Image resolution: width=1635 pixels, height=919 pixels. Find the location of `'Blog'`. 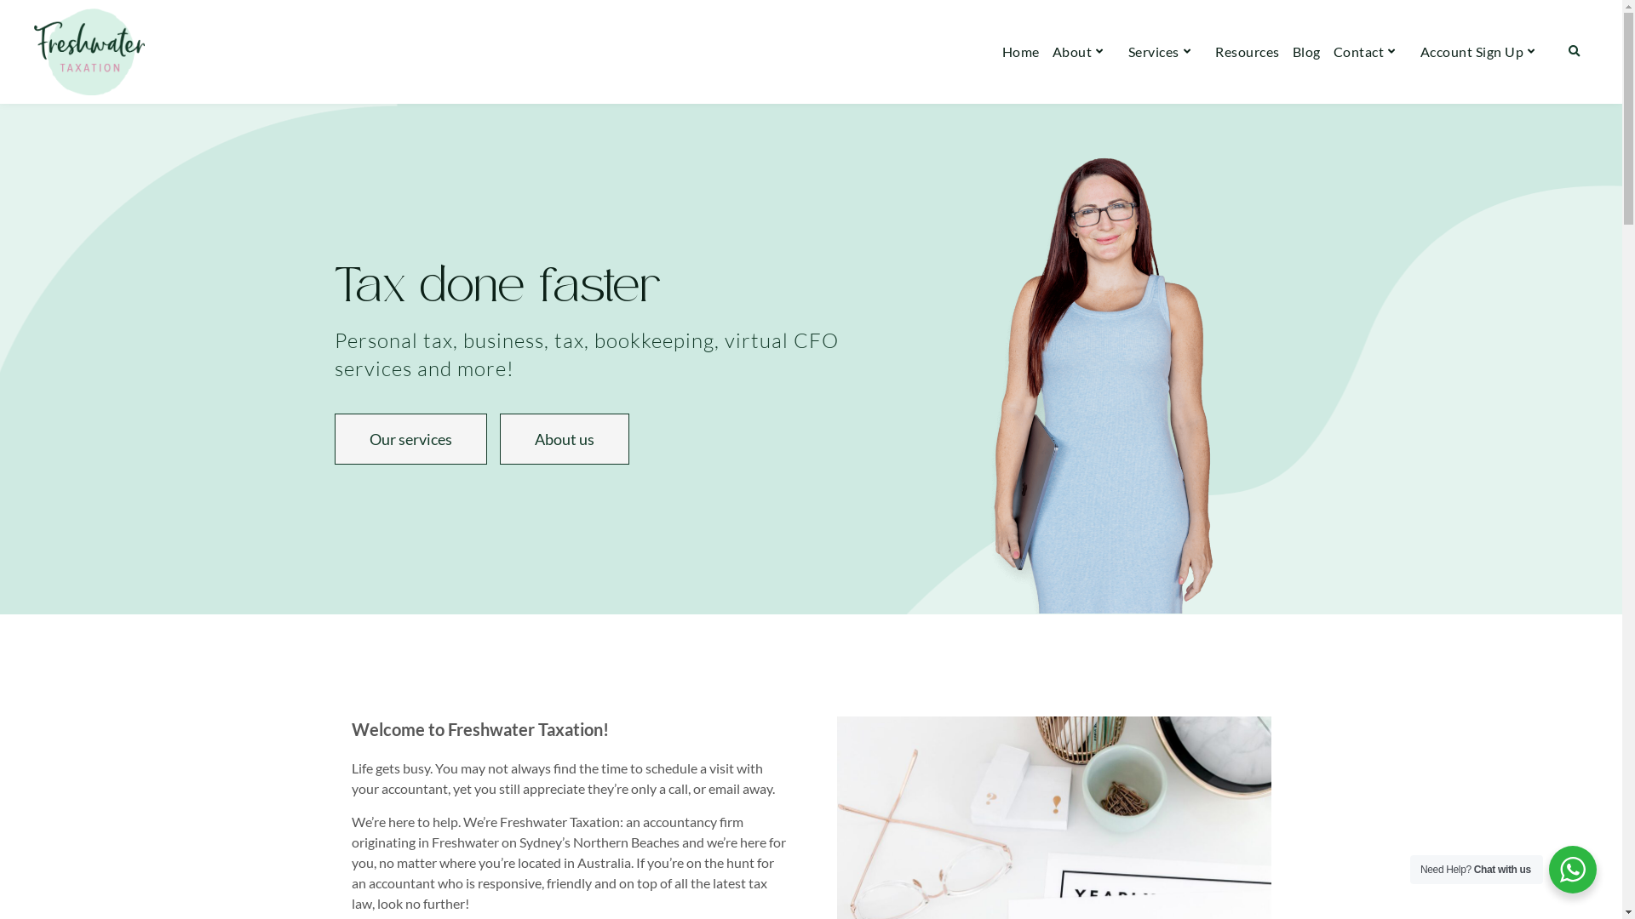

'Blog' is located at coordinates (1305, 51).